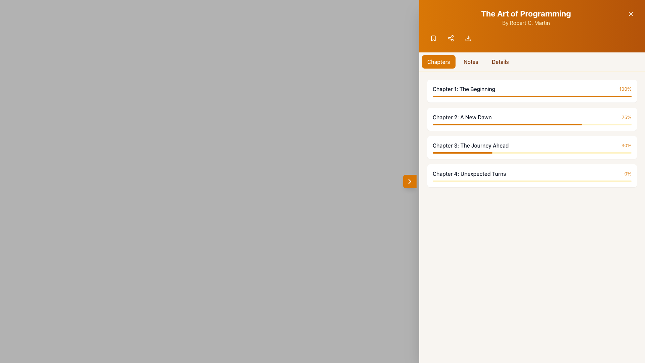  What do you see at coordinates (532, 119) in the screenshot?
I see `the Progress tracker for Chapter 2, which displays its title and percentage indicator` at bounding box center [532, 119].